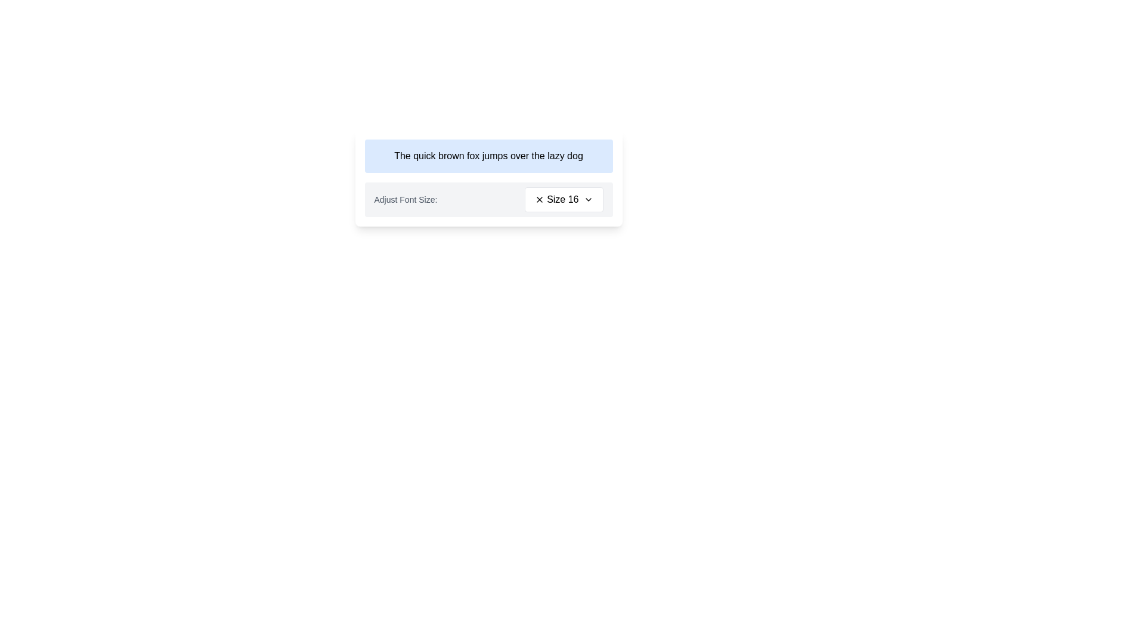 This screenshot has height=644, width=1145. What do you see at coordinates (406, 199) in the screenshot?
I see `the text label providing context for the adjustable font size control, located adjacent to 'Size 16'` at bounding box center [406, 199].